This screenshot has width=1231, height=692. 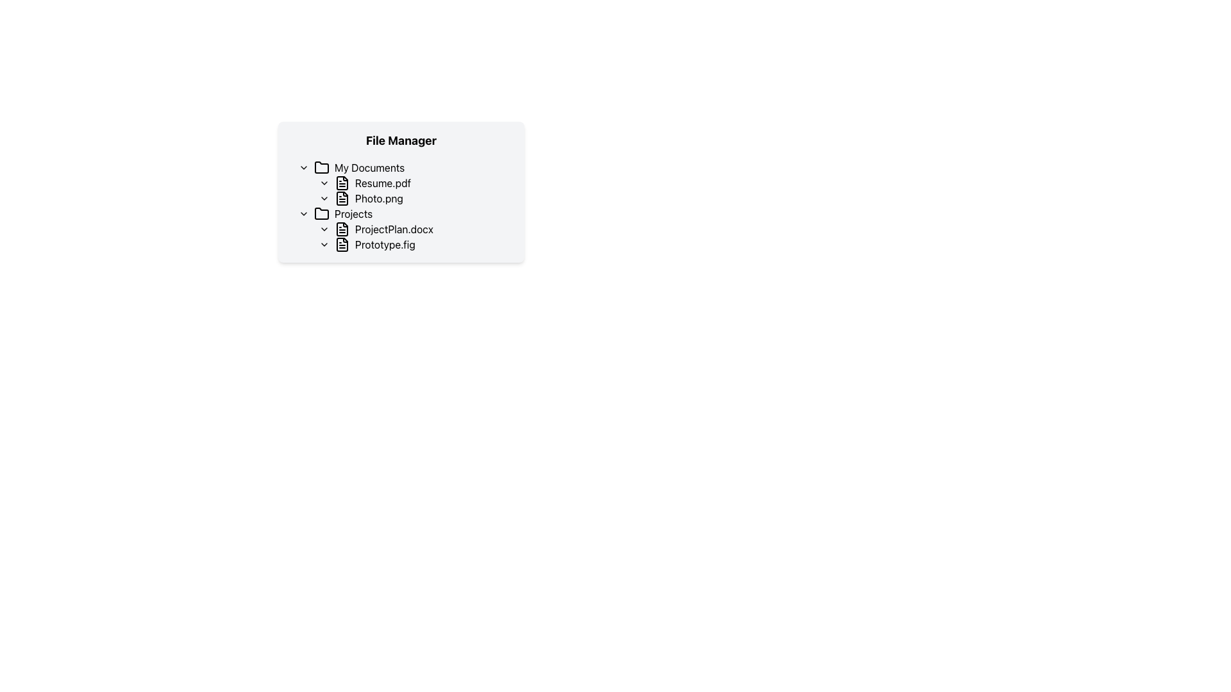 I want to click on the decorative icon representing the 'Resume.pdf' file type, so click(x=342, y=183).